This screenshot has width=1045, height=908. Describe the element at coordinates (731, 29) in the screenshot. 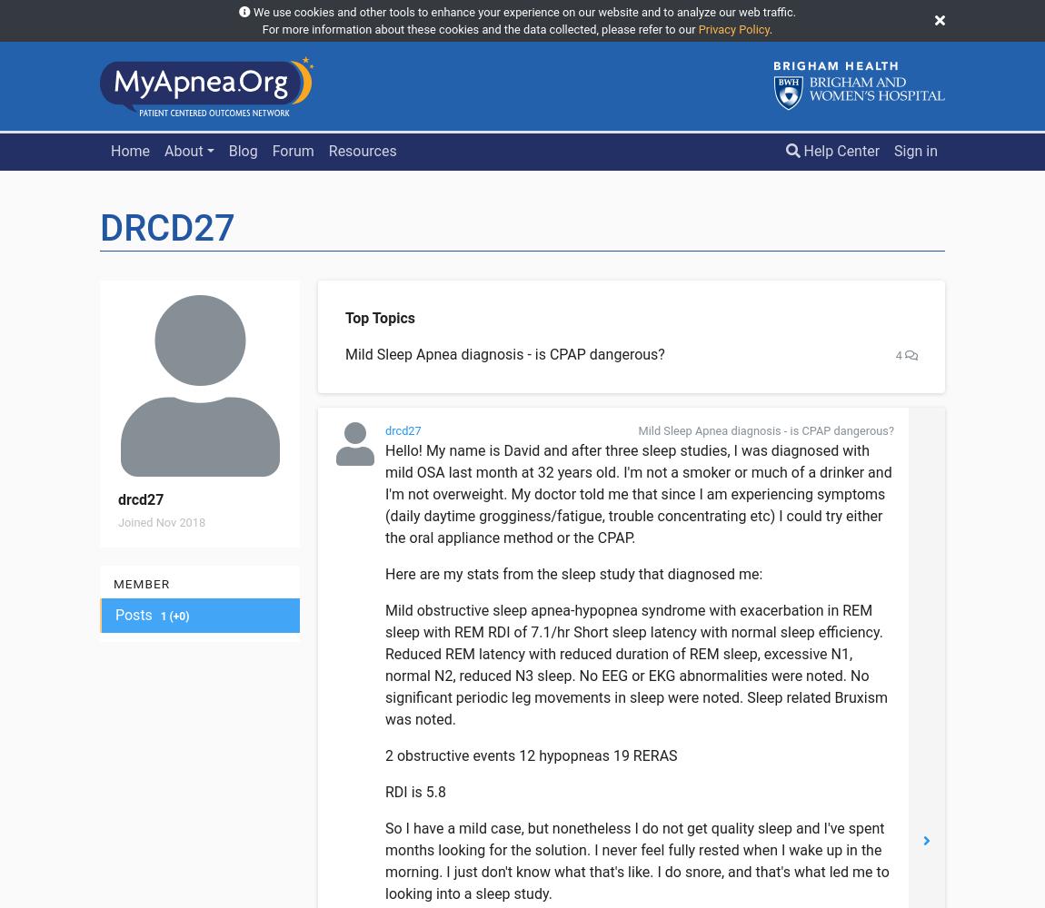

I see `'Privacy Policy'` at that location.